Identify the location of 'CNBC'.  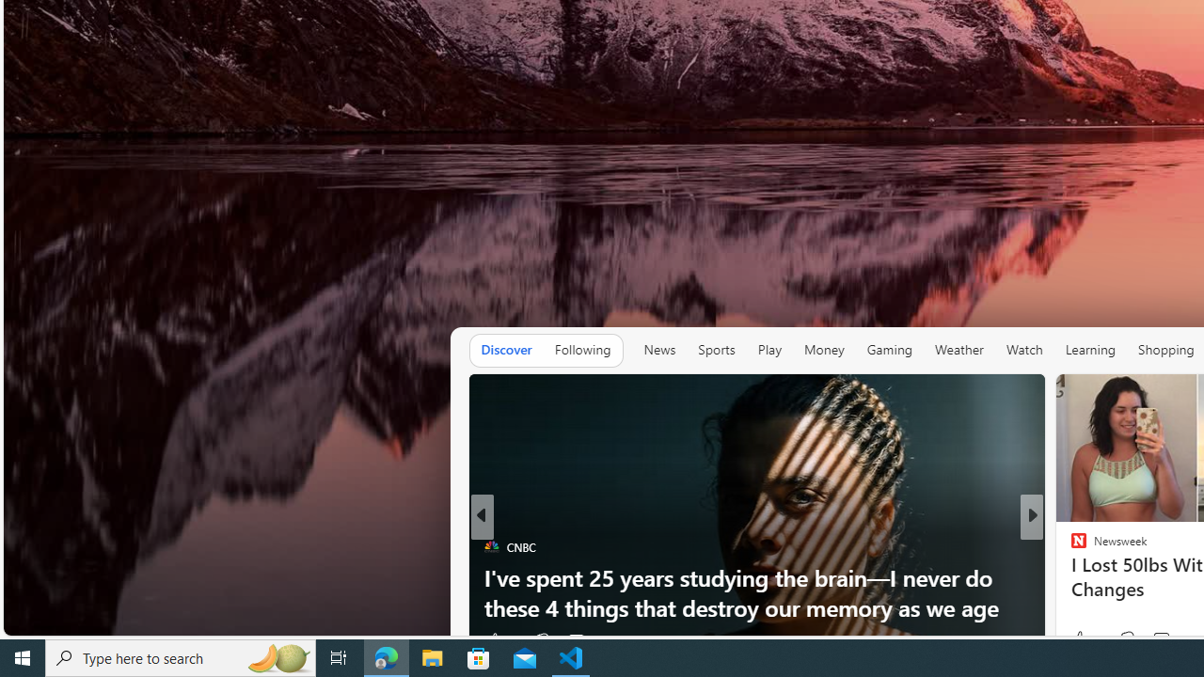
(491, 546).